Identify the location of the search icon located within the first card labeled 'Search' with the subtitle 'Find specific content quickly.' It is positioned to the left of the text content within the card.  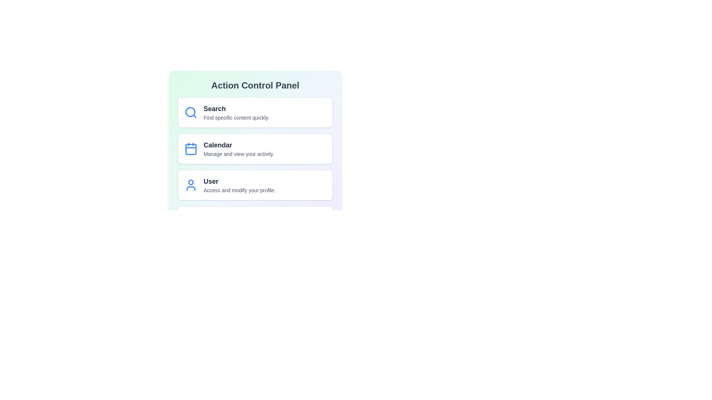
(191, 113).